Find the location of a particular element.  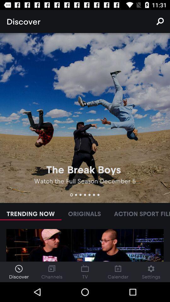

the time icon is located at coordinates (19, 271).